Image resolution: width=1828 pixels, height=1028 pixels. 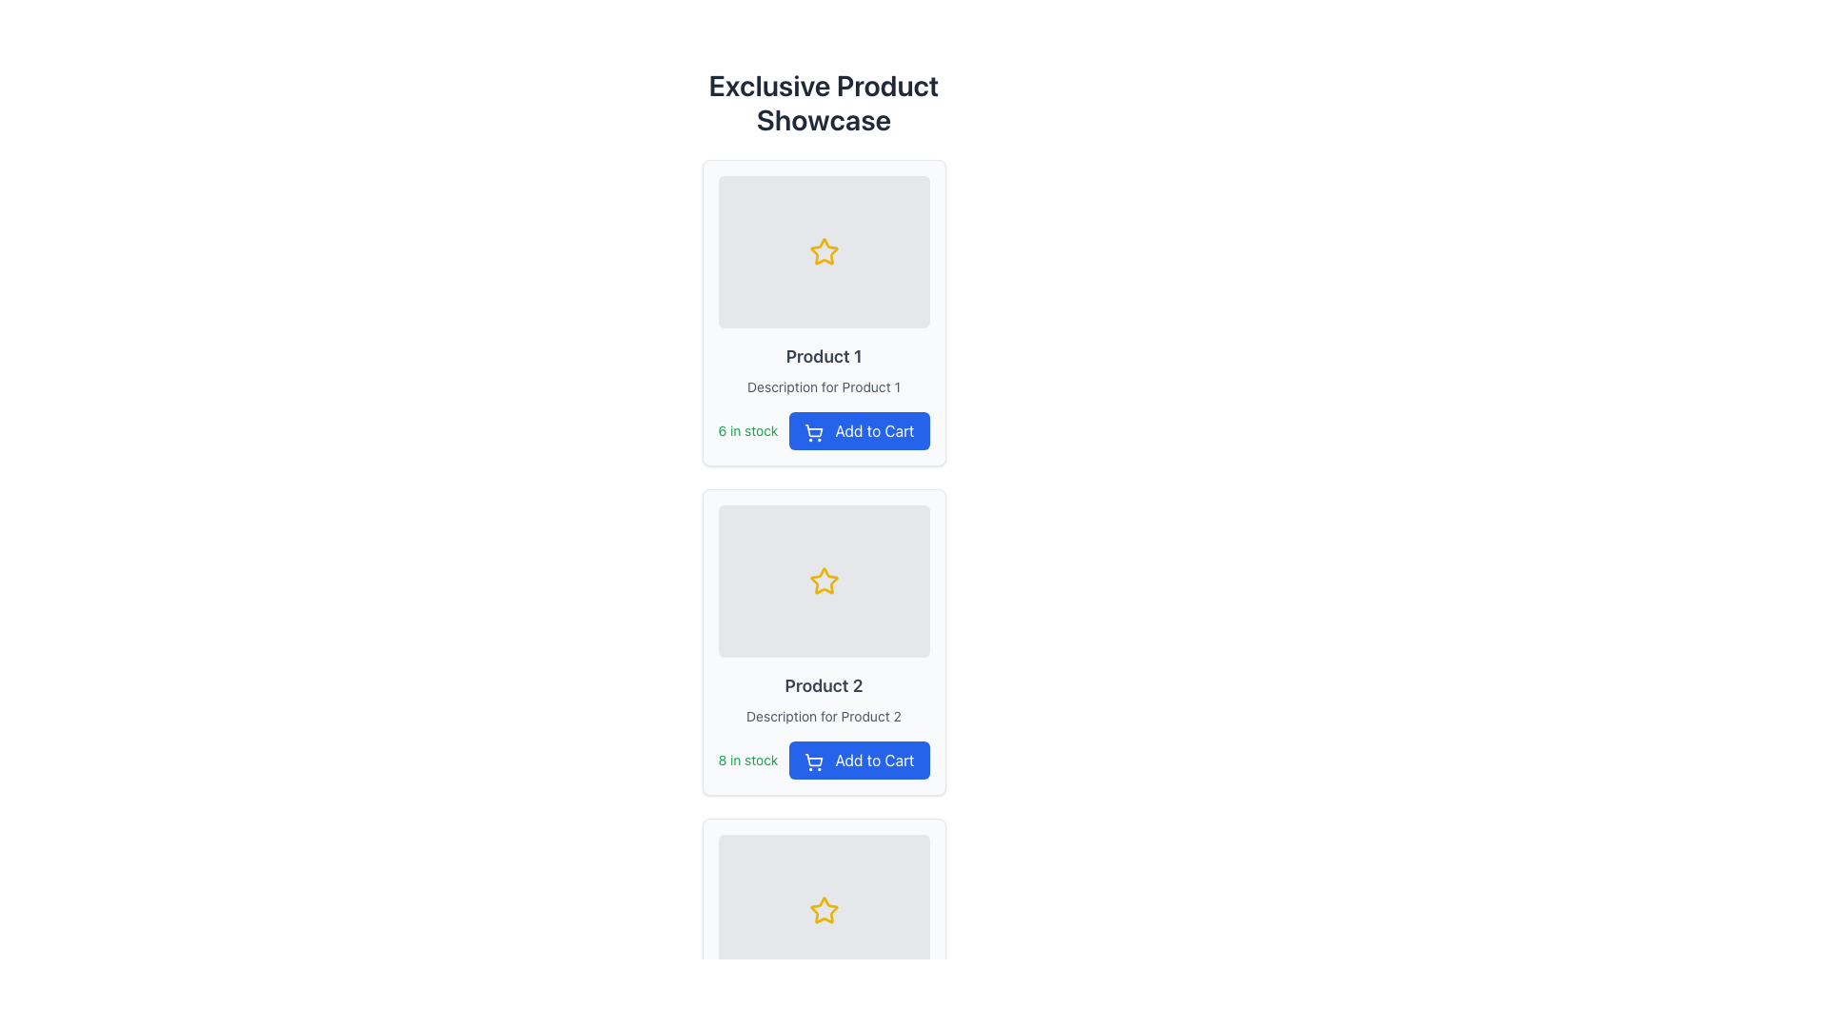 I want to click on the static text label reading 'Product 2', which is located within the second product card, beneath a yellow star icon and above a smaller description text, so click(x=824, y=686).